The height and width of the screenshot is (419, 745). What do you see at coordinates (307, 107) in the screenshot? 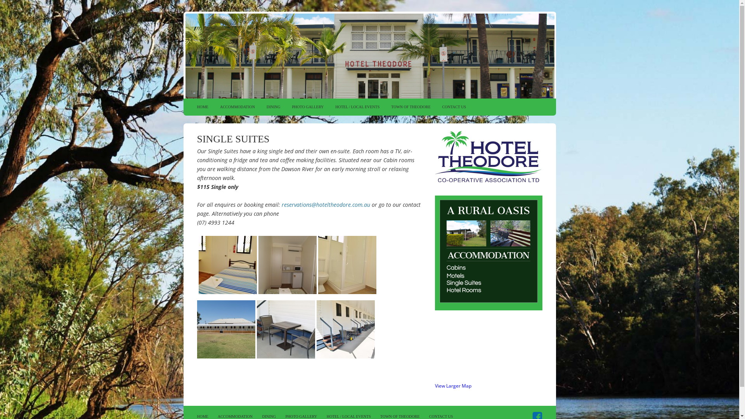
I see `'PHOTO GALLERY'` at bounding box center [307, 107].